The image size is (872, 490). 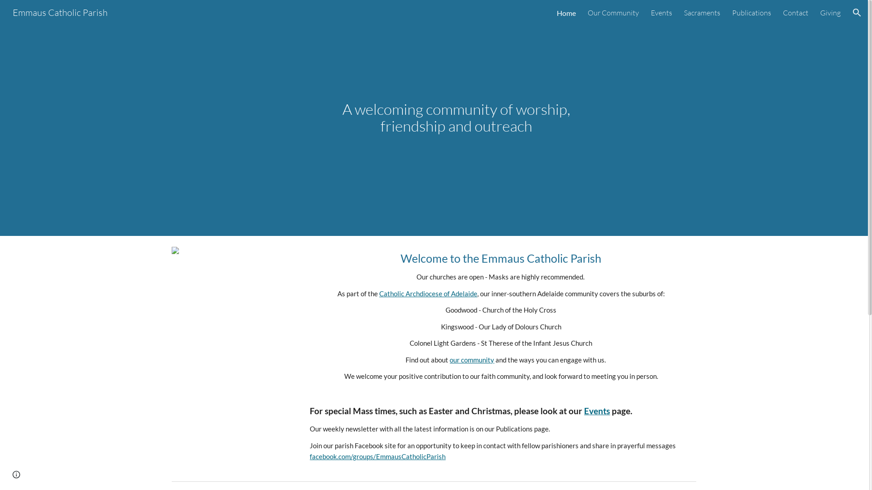 What do you see at coordinates (471, 359) in the screenshot?
I see `'our community'` at bounding box center [471, 359].